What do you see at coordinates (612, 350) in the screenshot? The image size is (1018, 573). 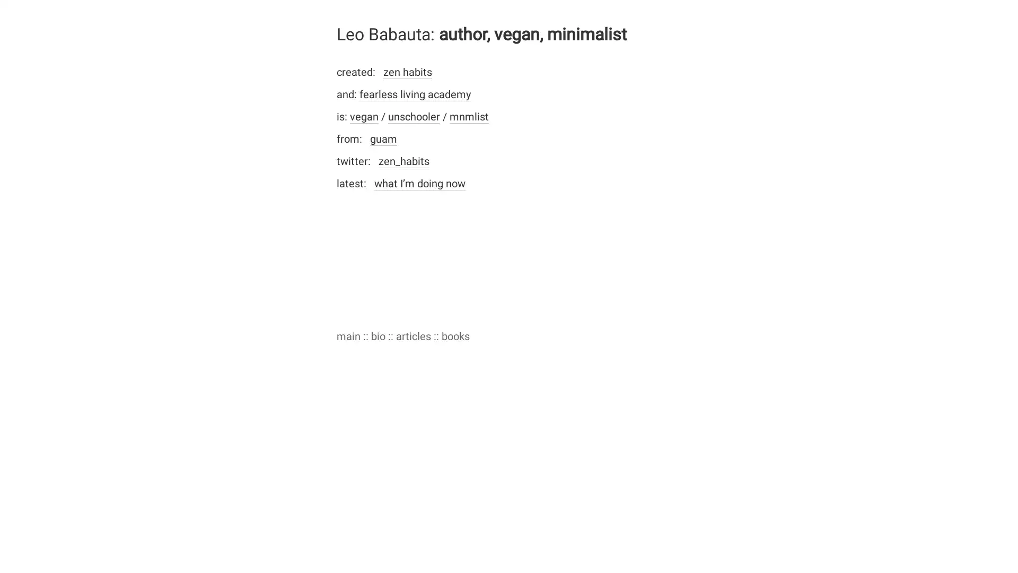 I see `Get Updates` at bounding box center [612, 350].